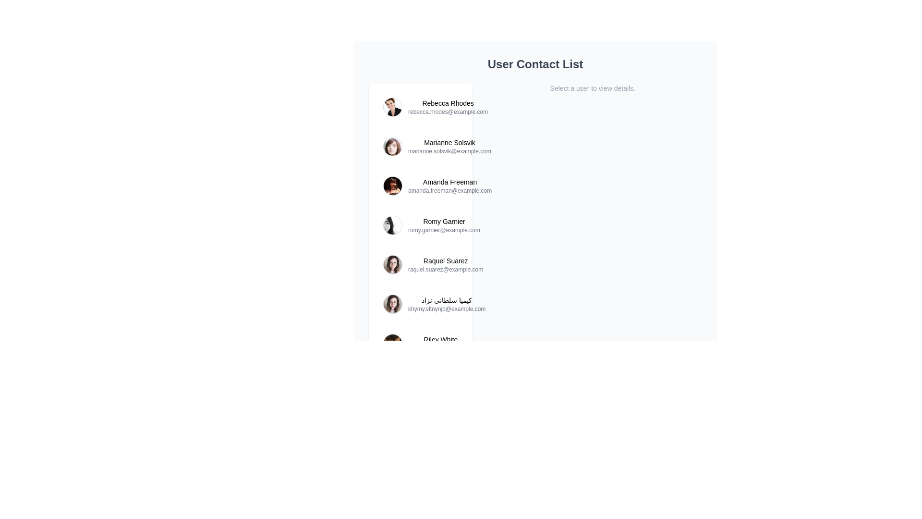 The height and width of the screenshot is (519, 922). What do you see at coordinates (446, 299) in the screenshot?
I see `the text label displaying the full name 'کیمیا سلطانی نژاد' in the contact list, which is located in the sixth position of the vertical list` at bounding box center [446, 299].